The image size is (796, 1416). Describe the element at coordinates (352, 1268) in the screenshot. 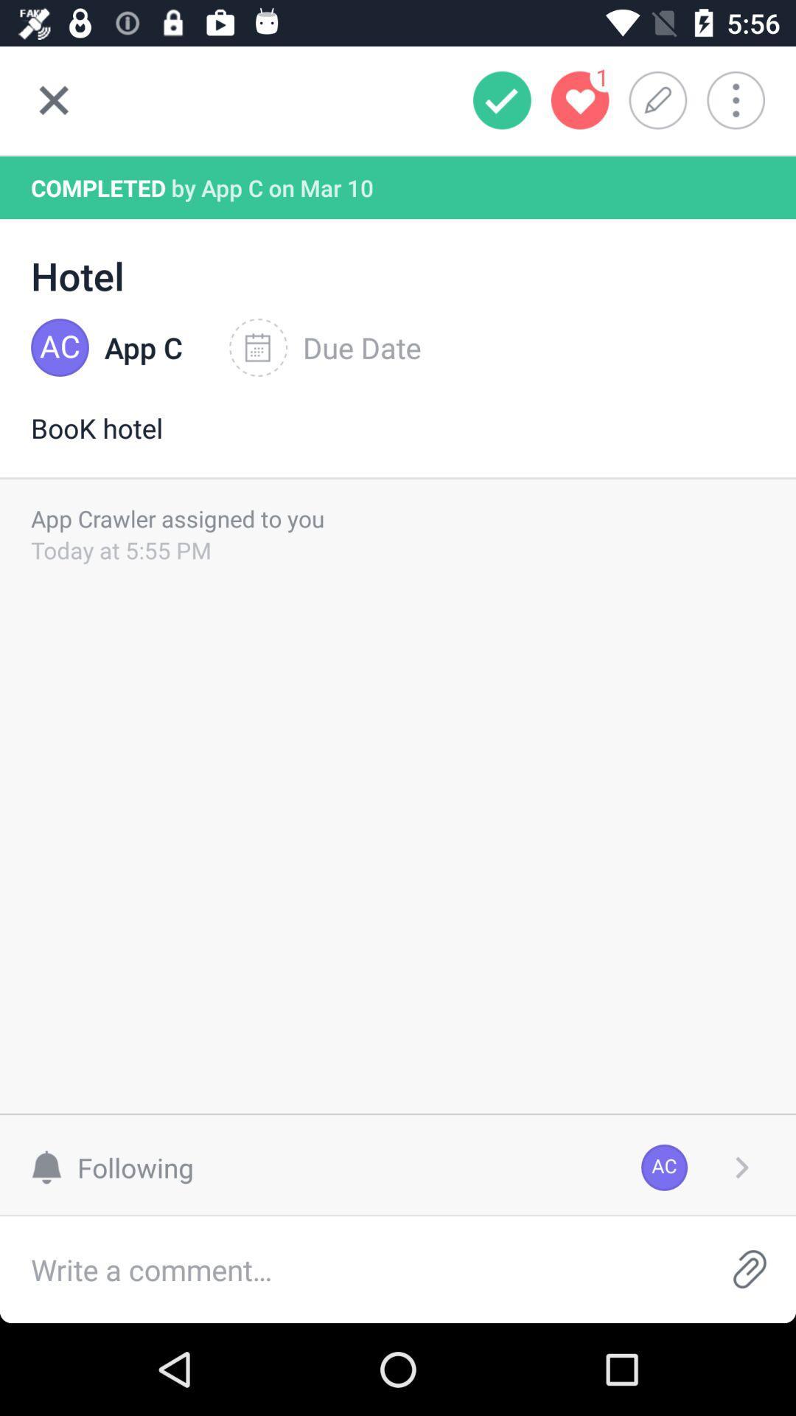

I see `the item below the following` at that location.